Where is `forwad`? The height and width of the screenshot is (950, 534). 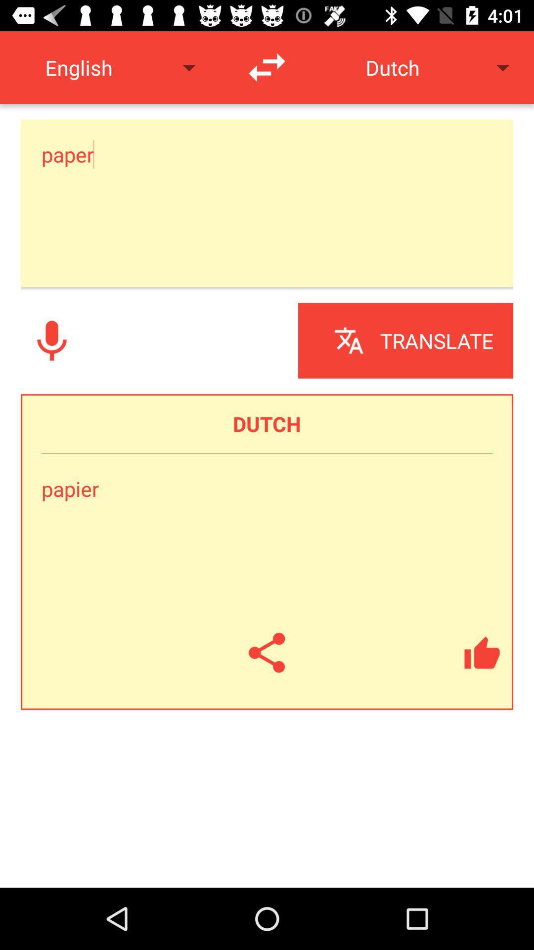
forwad is located at coordinates (267, 67).